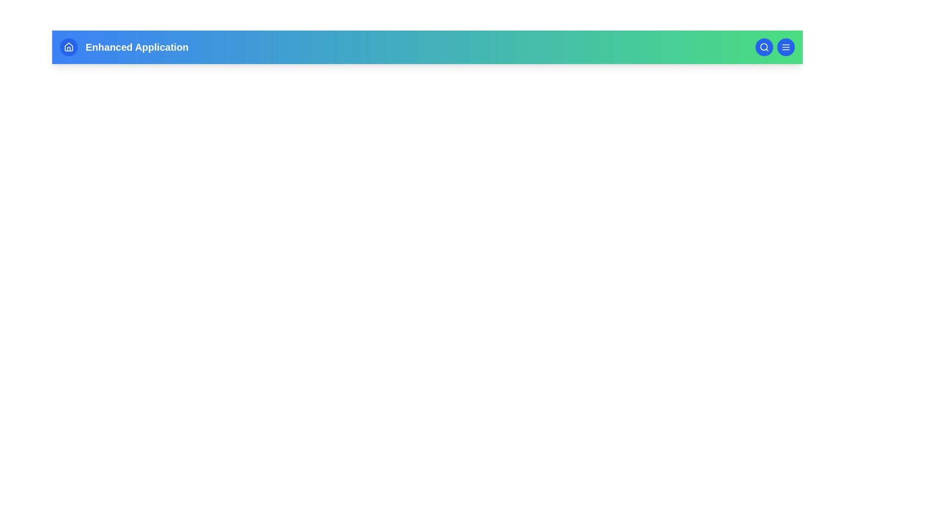 This screenshot has width=945, height=532. Describe the element at coordinates (763, 47) in the screenshot. I see `the circular part of the search icon located at the top-right corner of the interface` at that location.